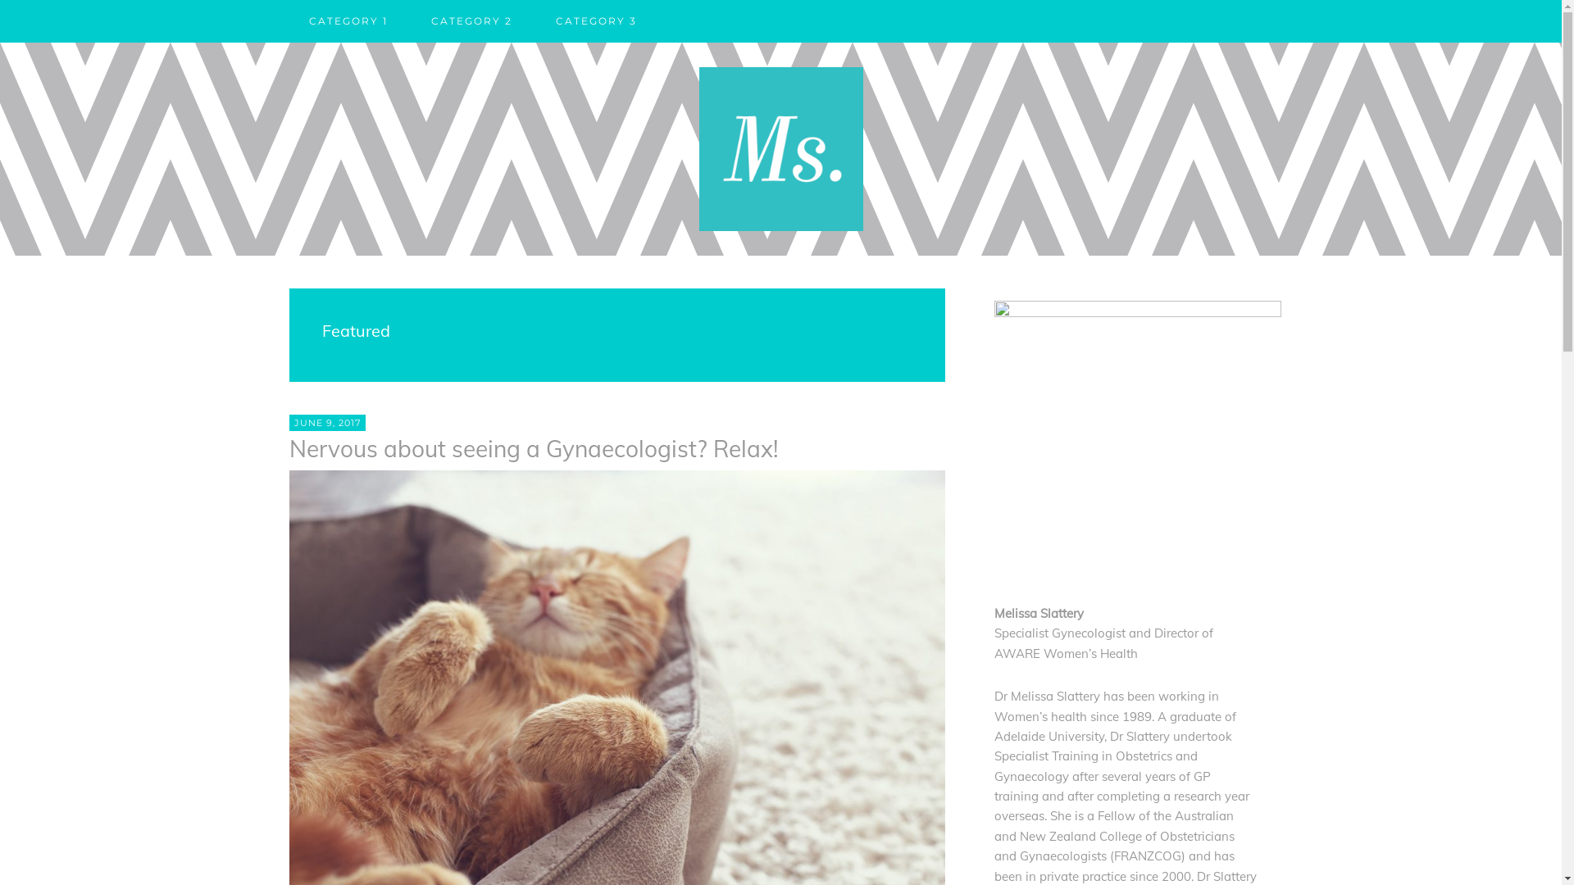  I want to click on 'CATEGORY 1', so click(346, 21).